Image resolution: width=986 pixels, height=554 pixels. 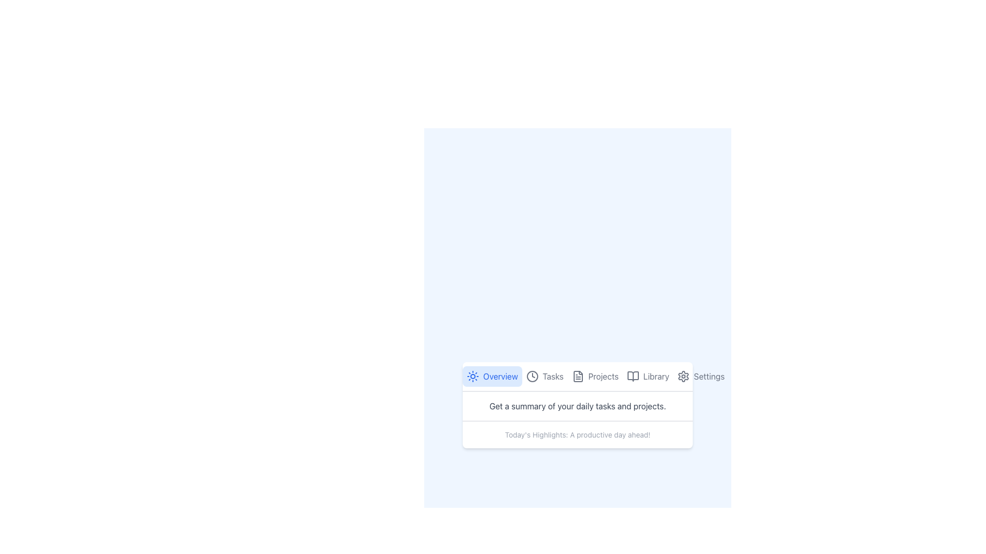 I want to click on the central navigation bar, so click(x=577, y=377).